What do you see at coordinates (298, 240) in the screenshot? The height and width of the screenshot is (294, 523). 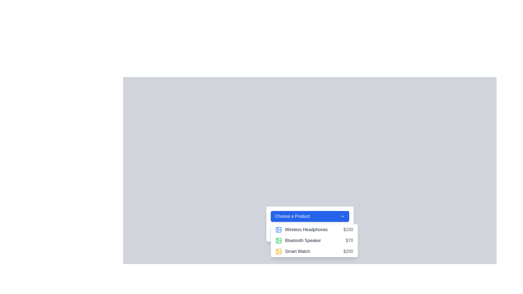 I see `the 'Bluetooth Speaker' dropdown list item` at bounding box center [298, 240].